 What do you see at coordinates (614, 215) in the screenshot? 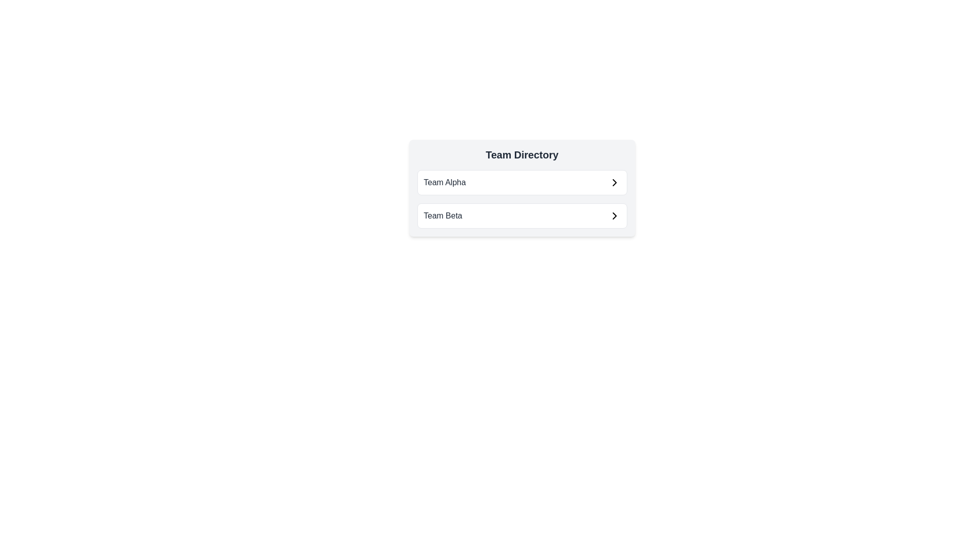
I see `the SVG-based chevron icon located in the second row of the 'Team Directory' section, aligned with the label 'Team Beta', to provide interaction feedback` at bounding box center [614, 215].